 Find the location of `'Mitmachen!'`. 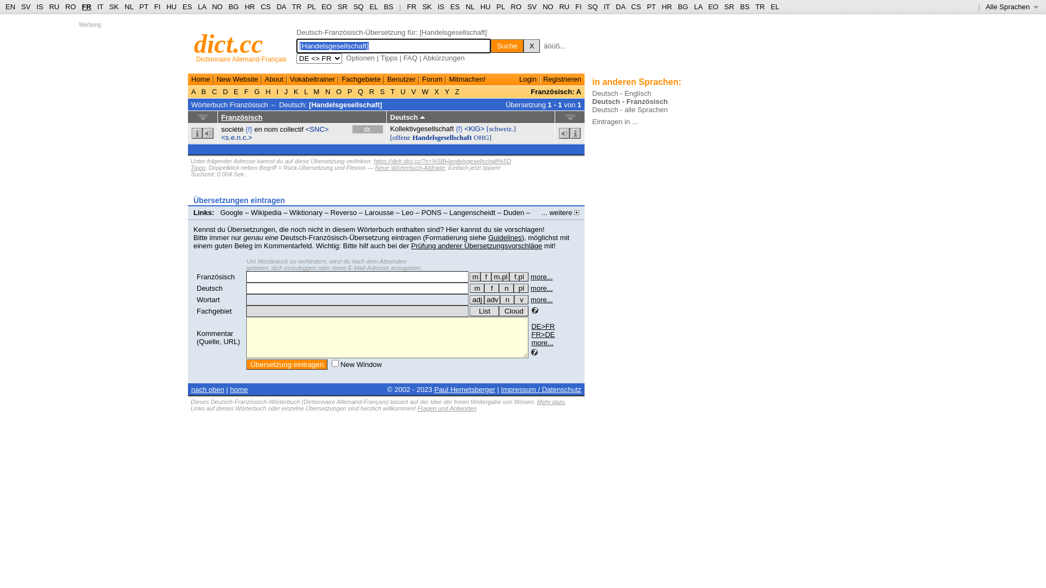

'Mitmachen!' is located at coordinates (467, 78).